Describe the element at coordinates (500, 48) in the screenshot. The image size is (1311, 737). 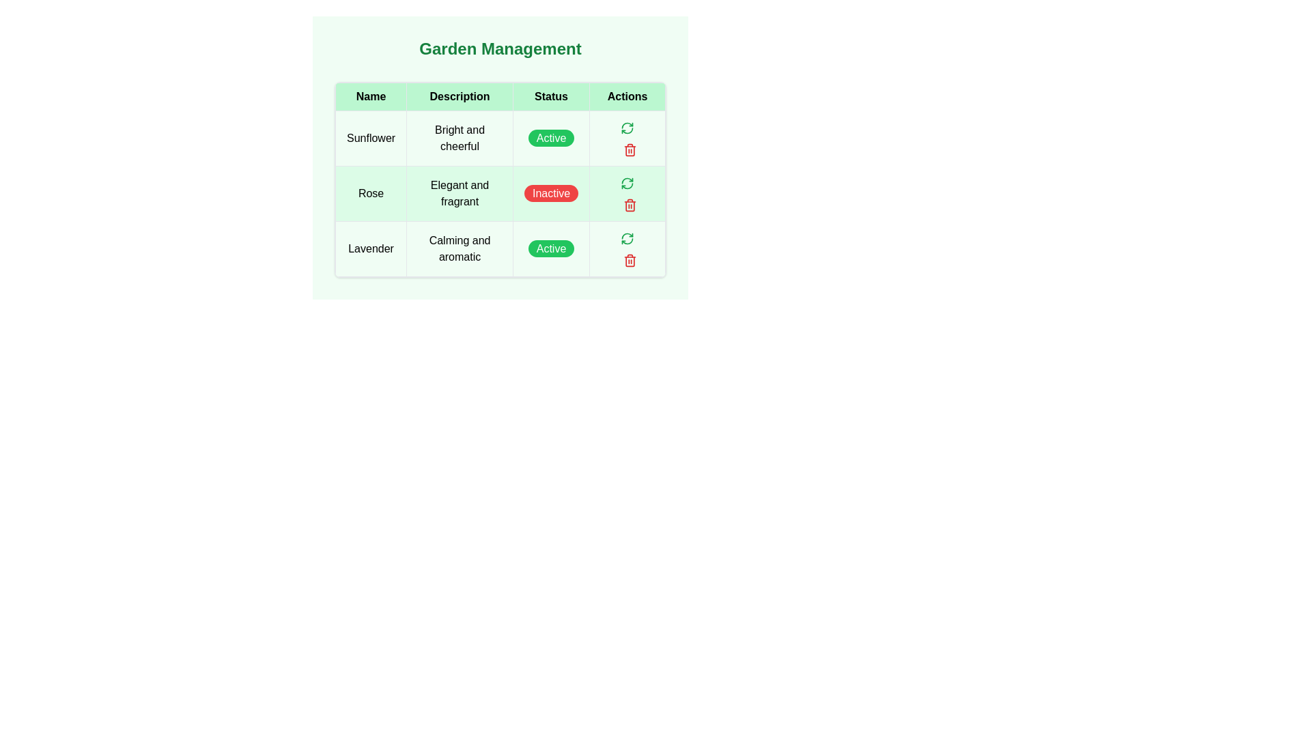
I see `the title text element indicating 'Garden Management', which is positioned at the top of the section and stands out above the table structure` at that location.